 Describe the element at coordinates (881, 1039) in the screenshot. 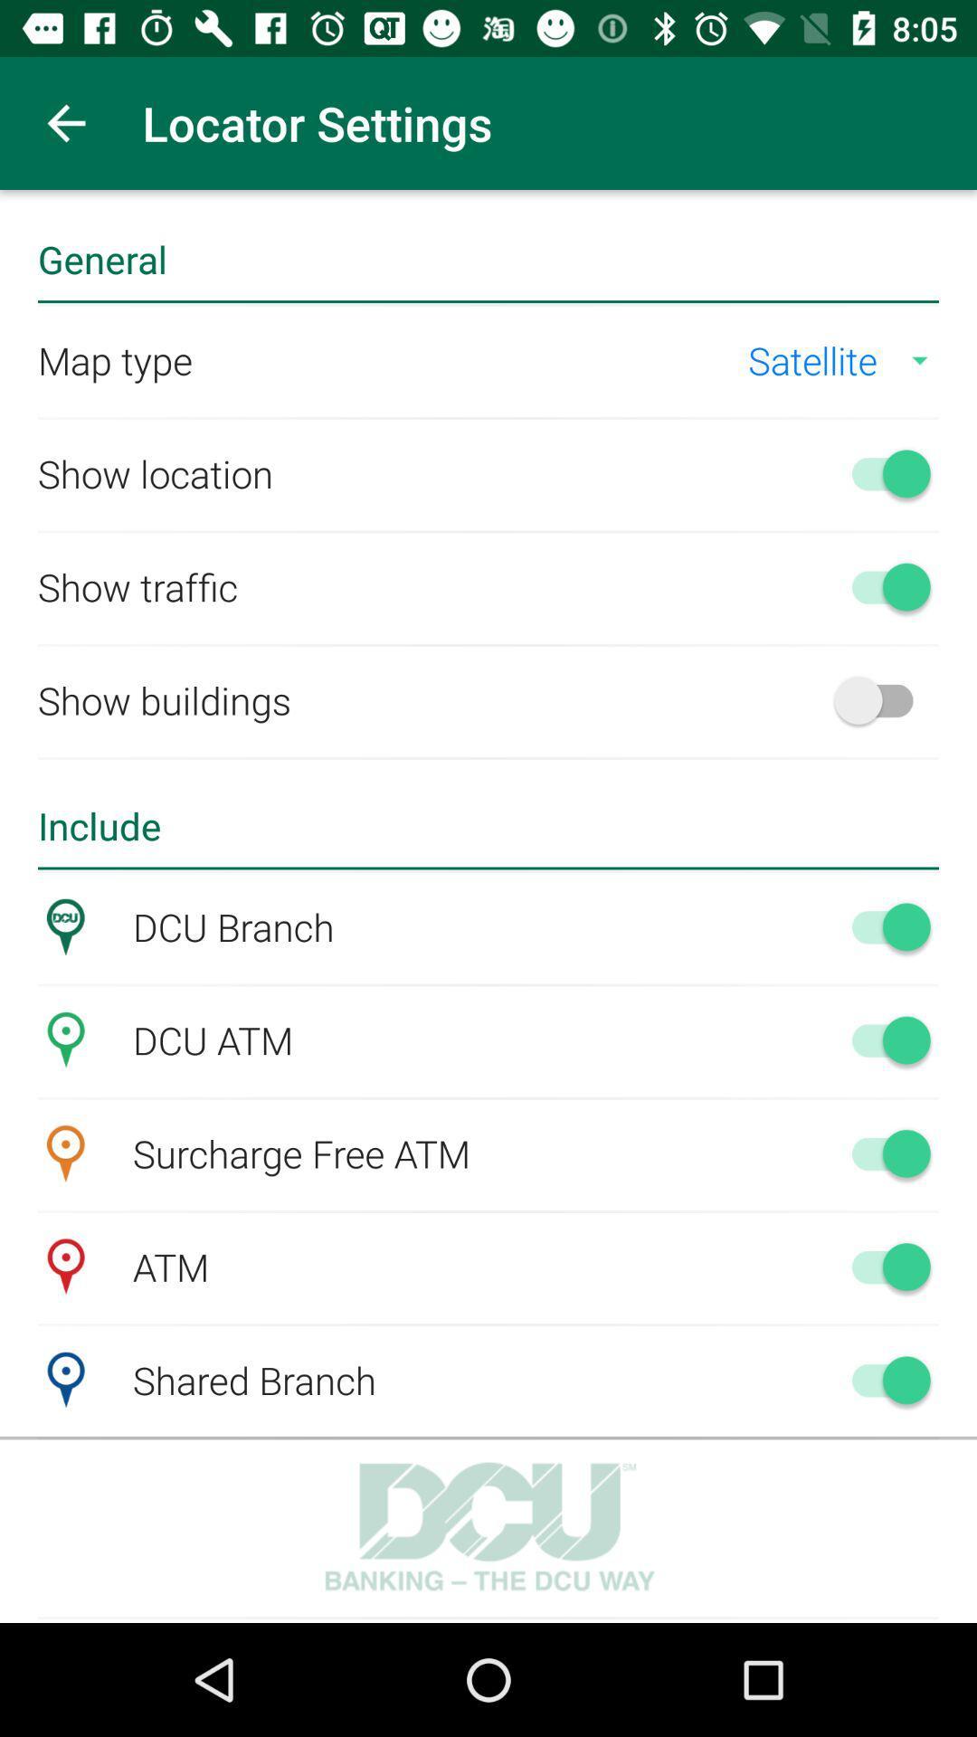

I see `dcu atm autoplay` at that location.